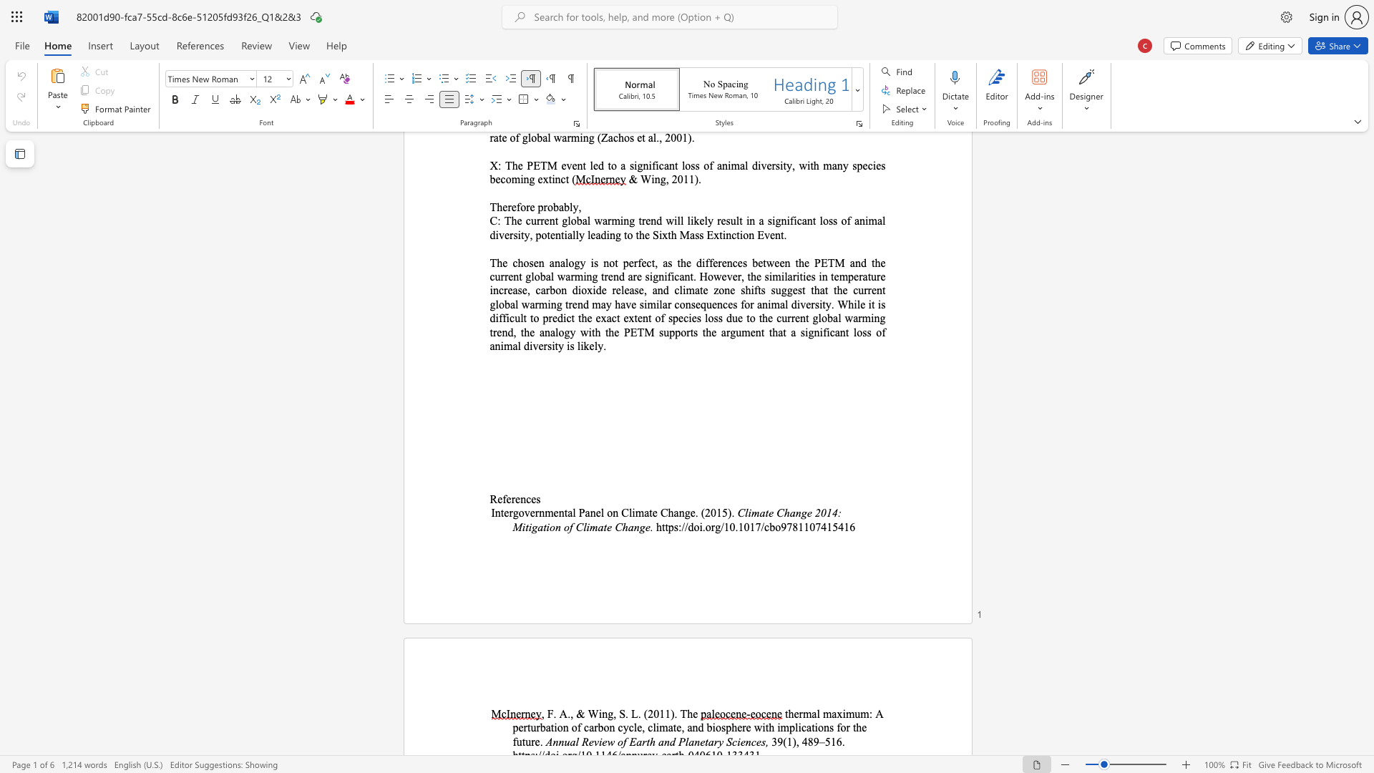 This screenshot has width=1374, height=773. Describe the element at coordinates (766, 512) in the screenshot. I see `the 1th character "t" in the text` at that location.